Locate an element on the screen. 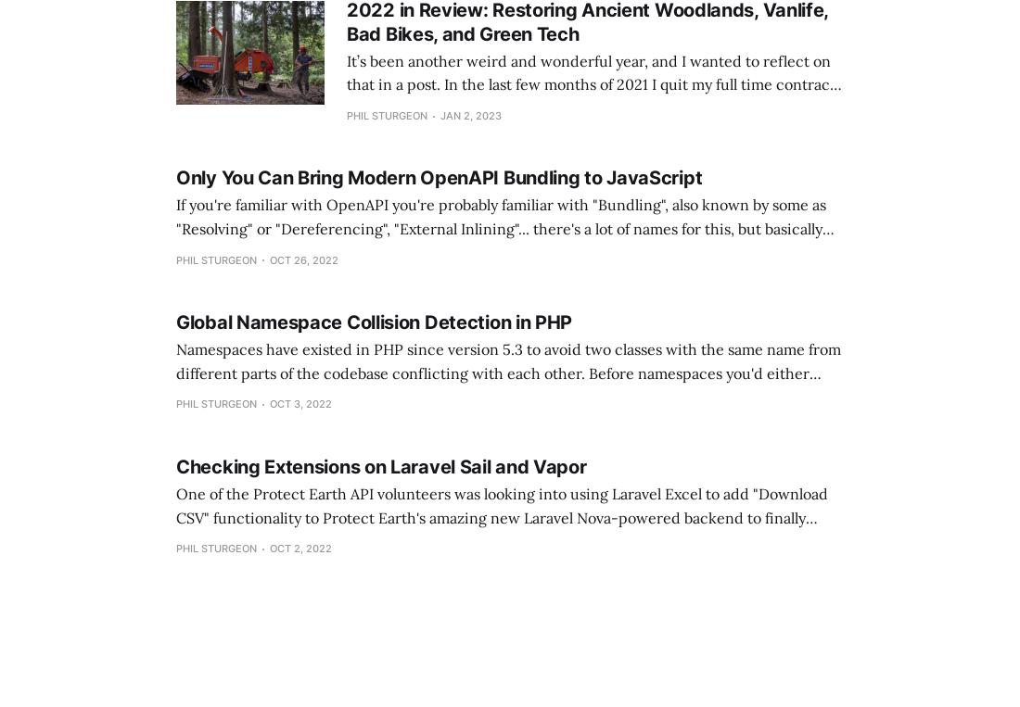 This screenshot has height=707, width=1020. 'One of the Protect Earth API volunteers was looking into using Laravel Excel to add "Download CSV" functionality to Protect Earth's amazing new Laravel Nova-powered backend to finally replace Airtable, and they said "It needs the GD extension, which I don't think Sail or Vapor have enabled?" Let's find out' is located at coordinates (508, 527).